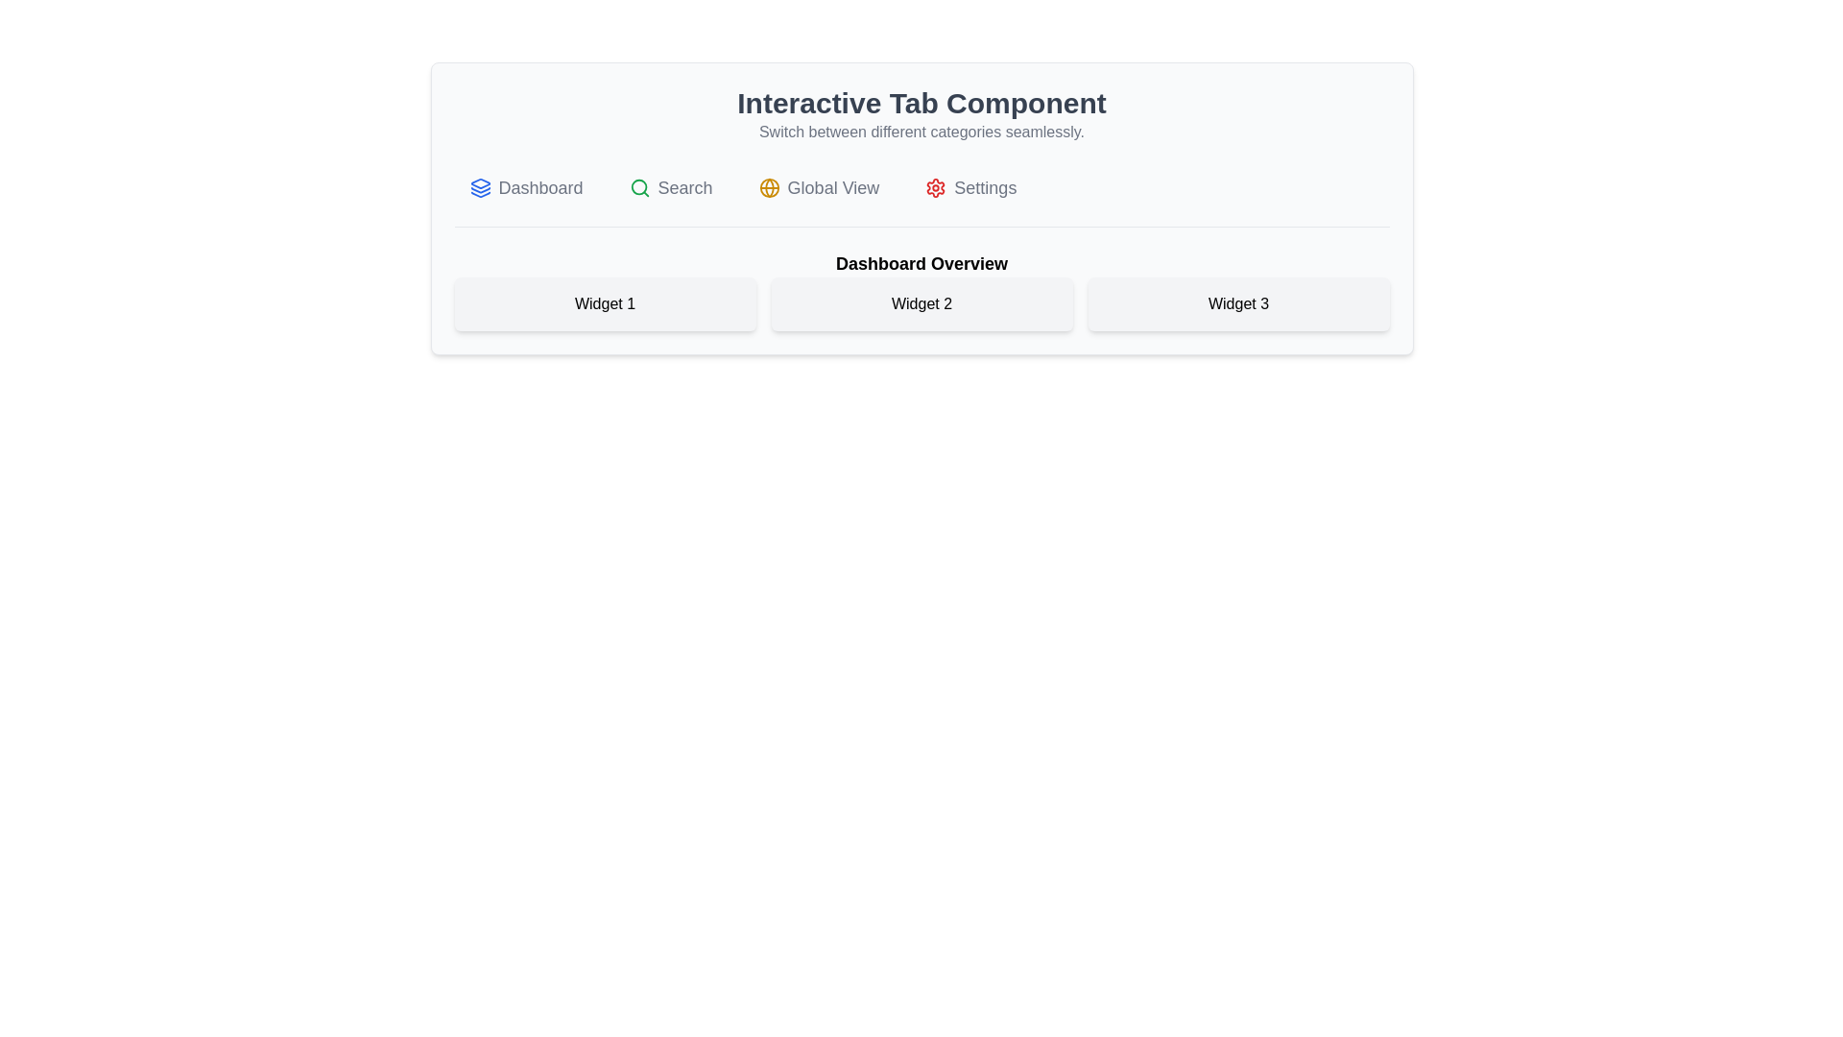 The height and width of the screenshot is (1037, 1843). I want to click on the 'Settings' text label located in the navigation bar, which is styled in medium font and positioned to the right of a cogwheel icon, so click(985, 188).